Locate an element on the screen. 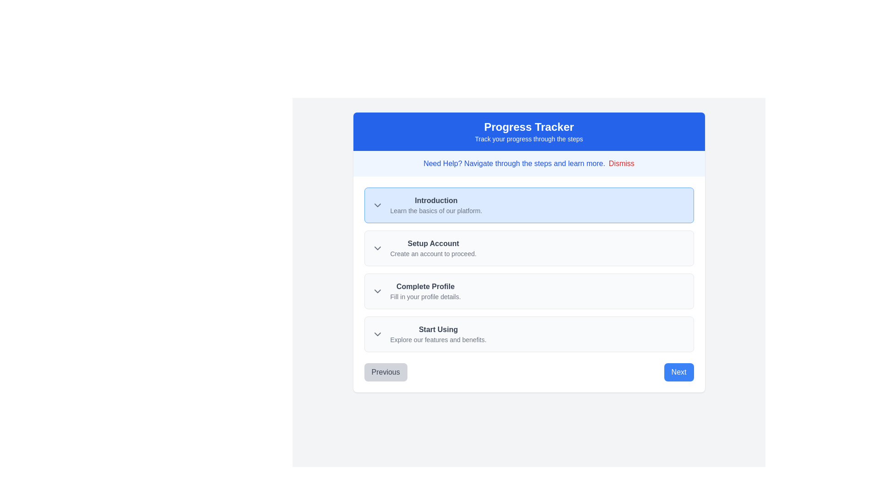  the downward-pointing chevron arrow icon, which is gray and located to the left of the text 'Introduction' in the progress tracker interface is located at coordinates (377, 204).